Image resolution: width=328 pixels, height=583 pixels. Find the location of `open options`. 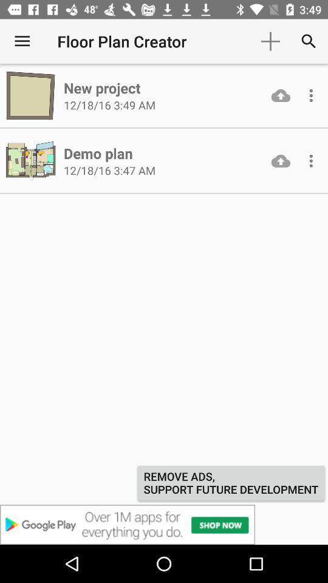

open options is located at coordinates (311, 160).